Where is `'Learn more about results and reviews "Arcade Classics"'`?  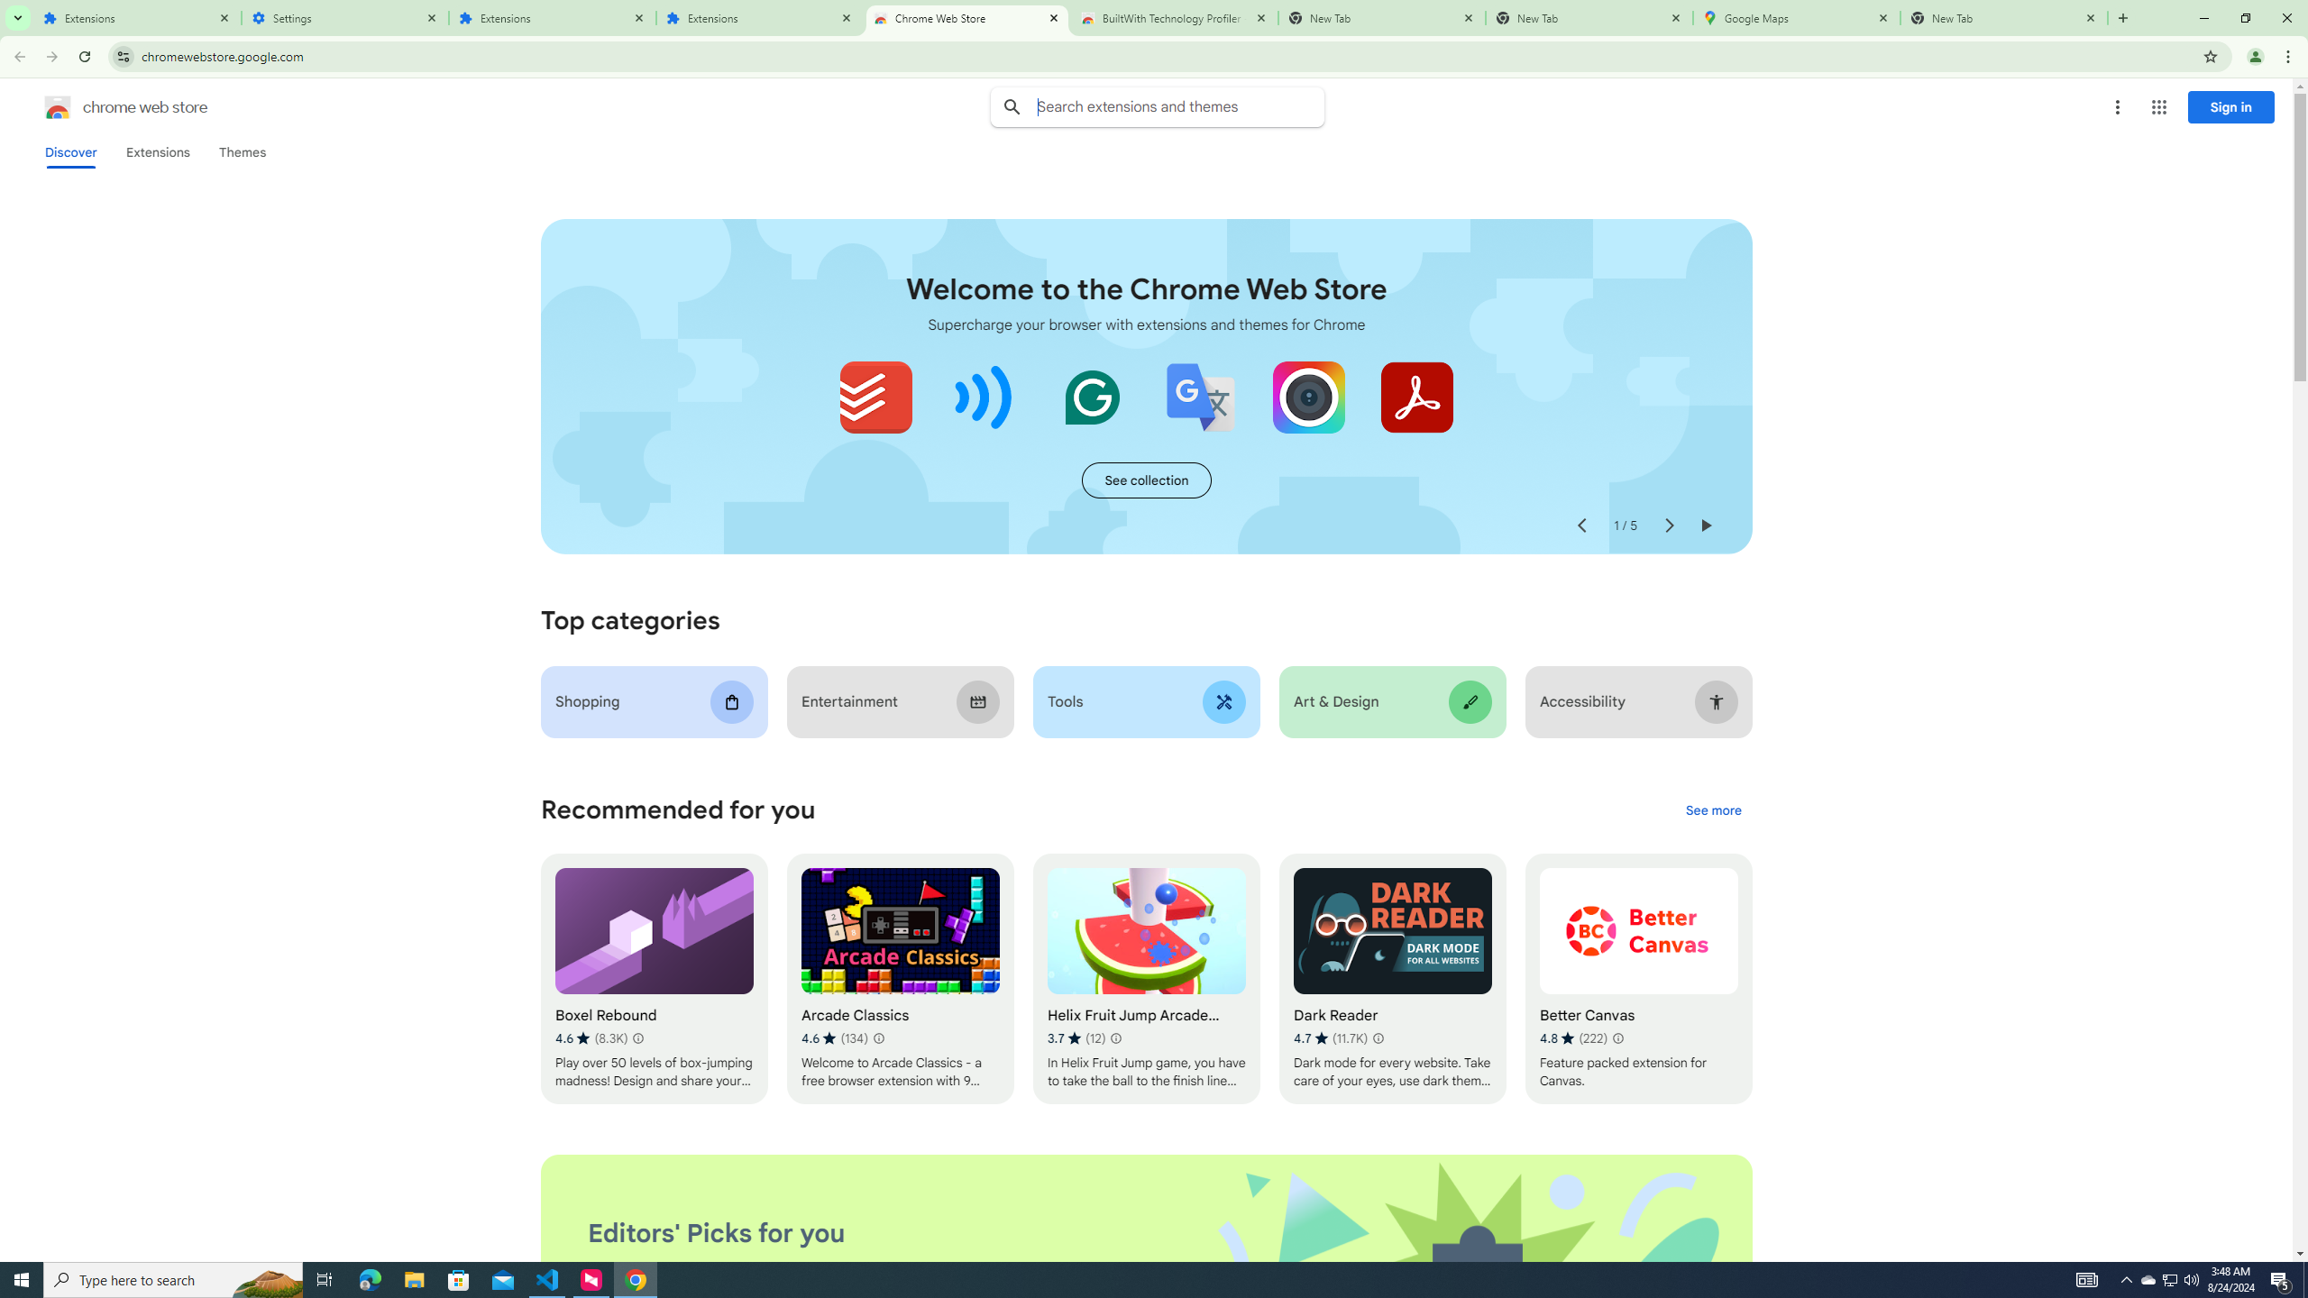 'Learn more about results and reviews "Arcade Classics"' is located at coordinates (878, 1038).